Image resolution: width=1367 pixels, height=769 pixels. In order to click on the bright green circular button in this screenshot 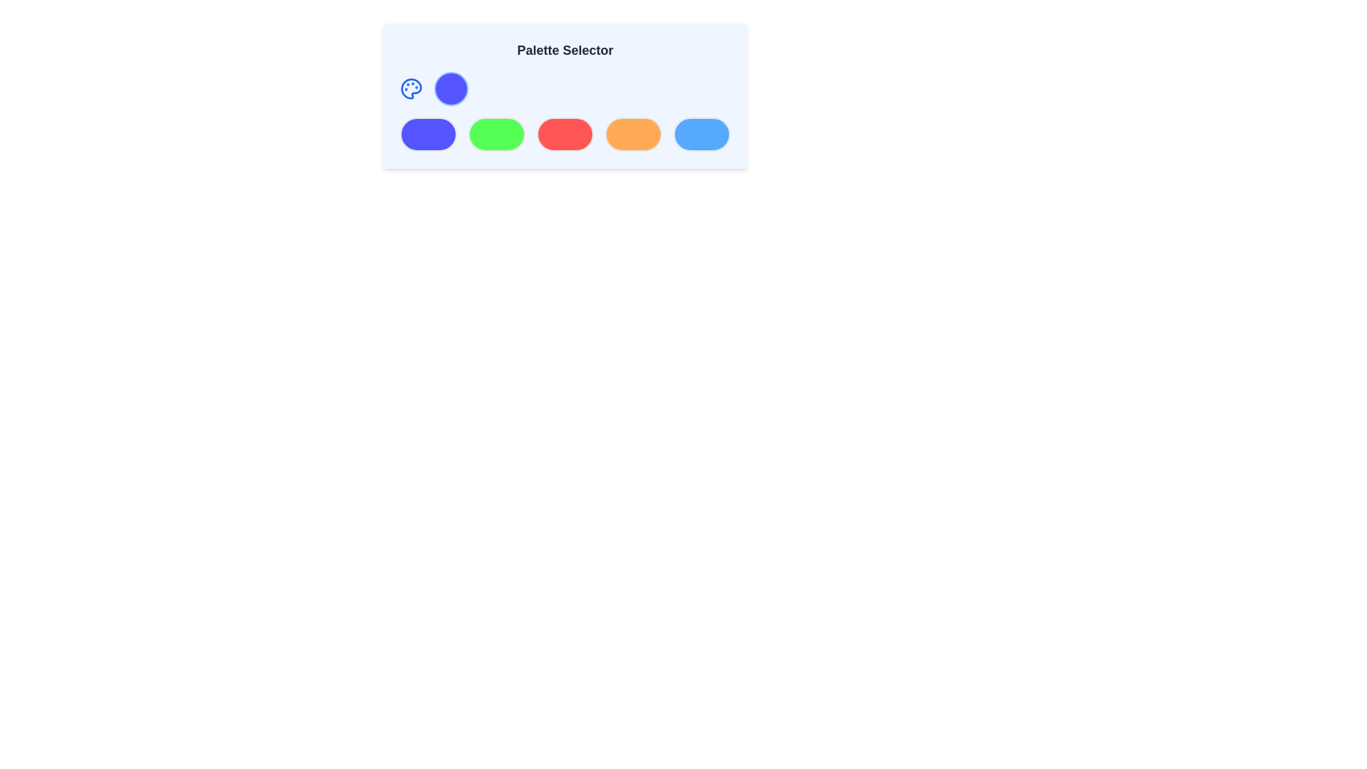, I will do `click(496, 135)`.